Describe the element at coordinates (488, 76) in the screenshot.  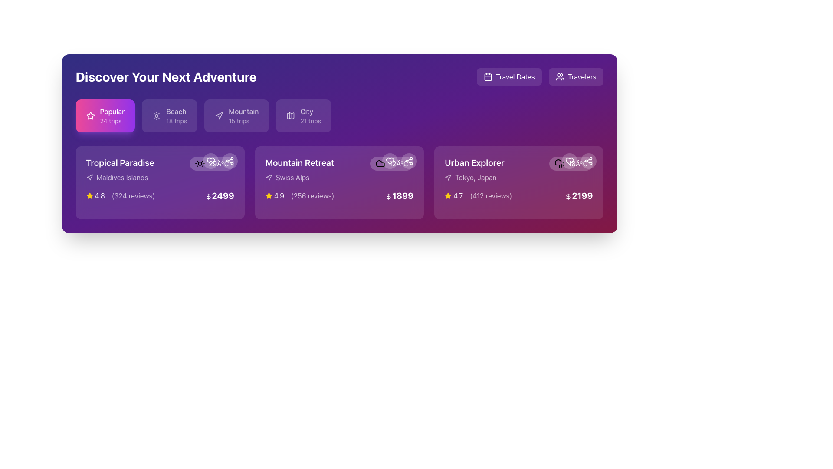
I see `the decorative rectangle inside the calendar icon located near the top-right corner of the interface` at that location.